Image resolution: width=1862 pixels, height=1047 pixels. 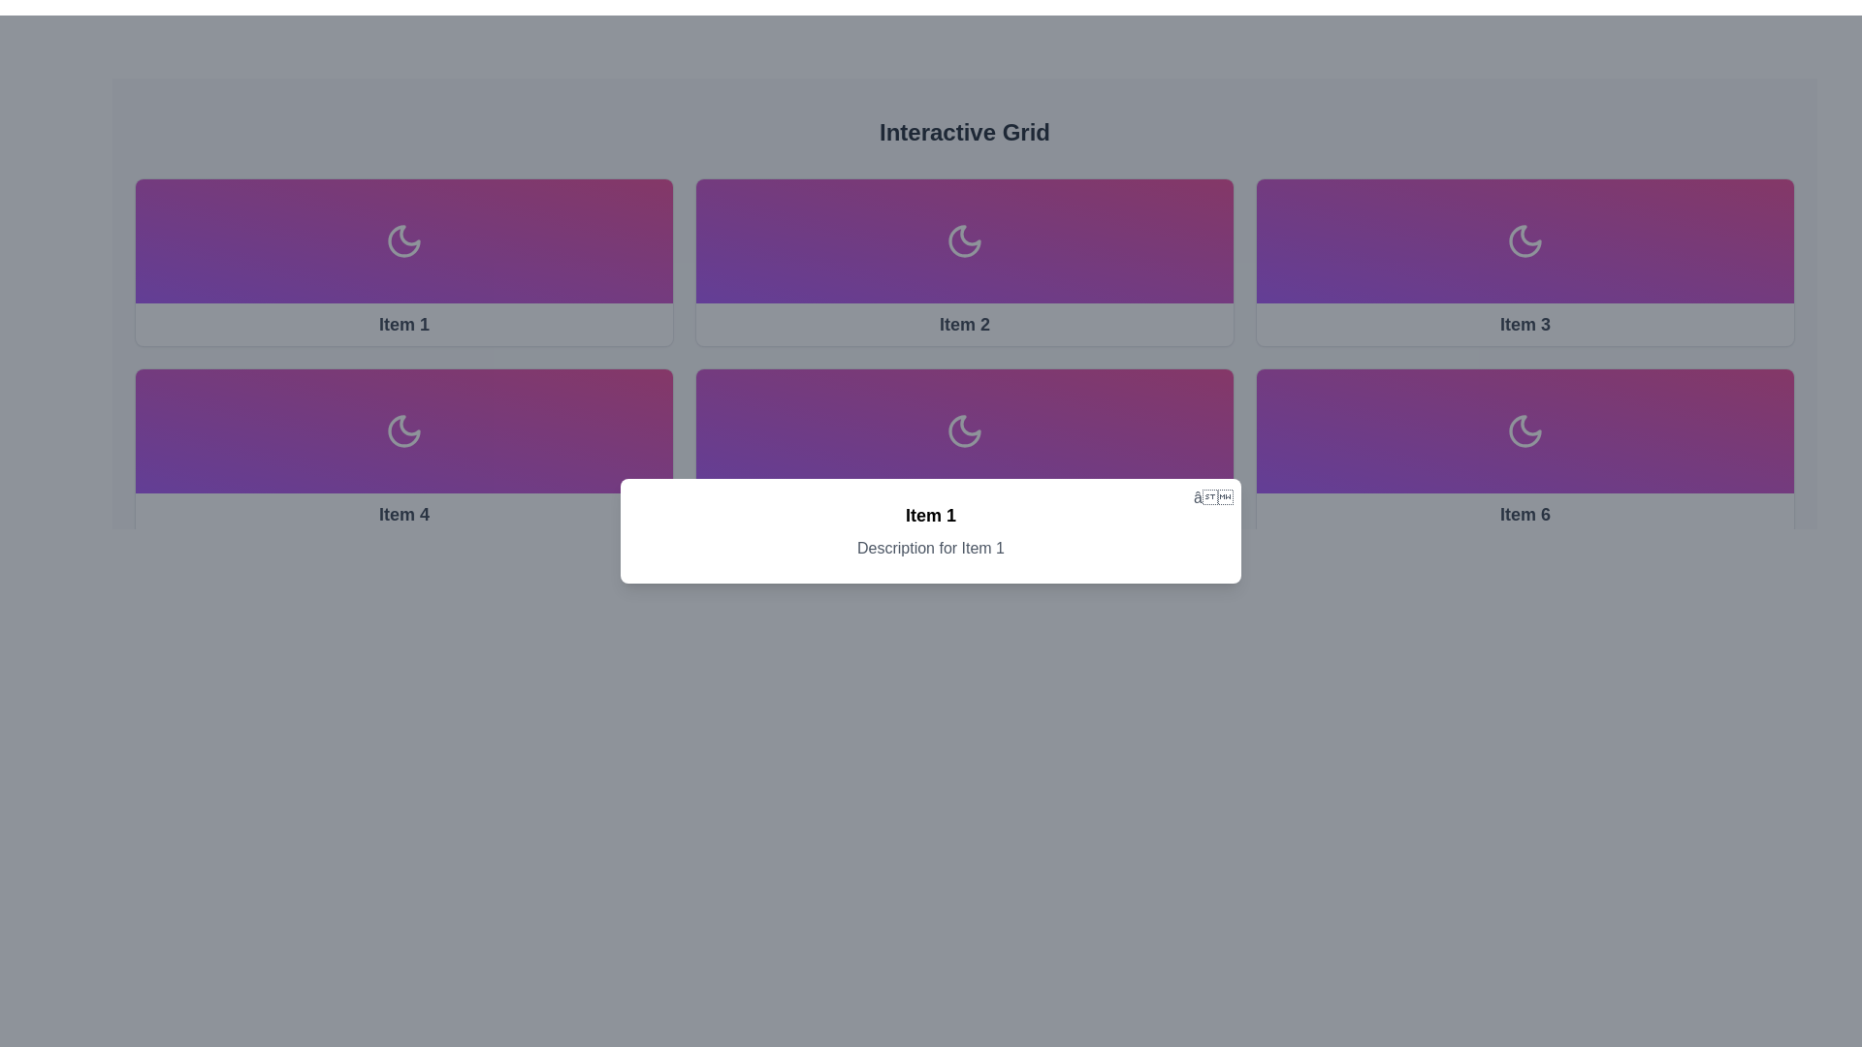 What do you see at coordinates (403, 240) in the screenshot?
I see `the decorative or status icon labeled 'Item 1' located in the top-left block of the grid layout` at bounding box center [403, 240].